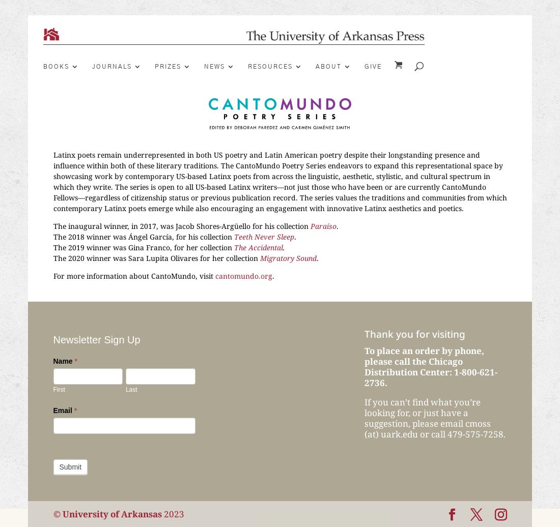  What do you see at coordinates (214, 66) in the screenshot?
I see `'News'` at bounding box center [214, 66].